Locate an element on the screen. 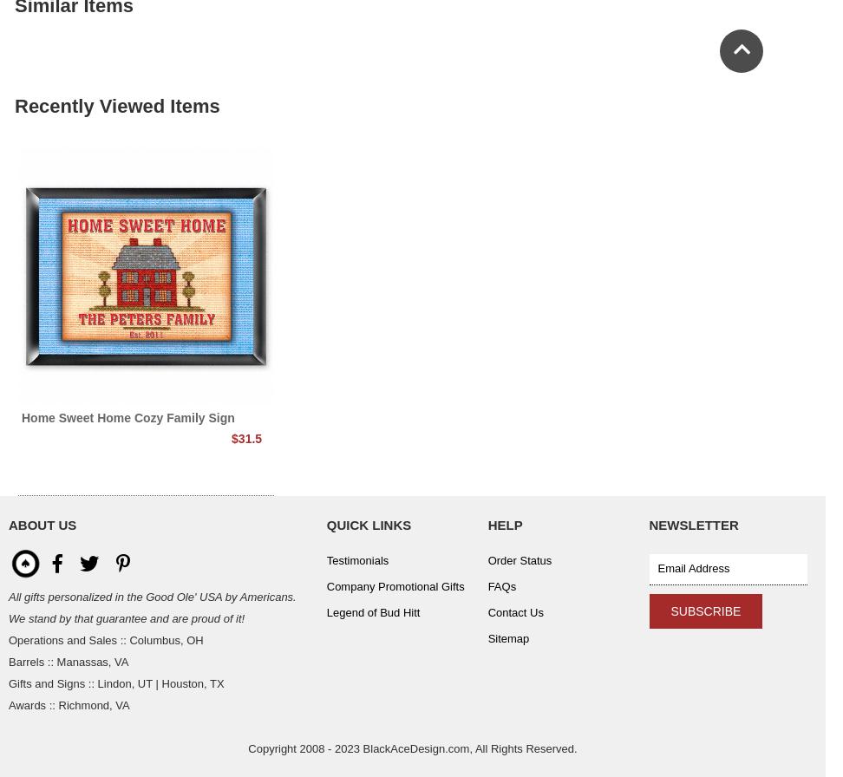 This screenshot has height=777, width=843. 'Gifts and Signs :: Lindon, UT | Houston, TX' is located at coordinates (116, 683).